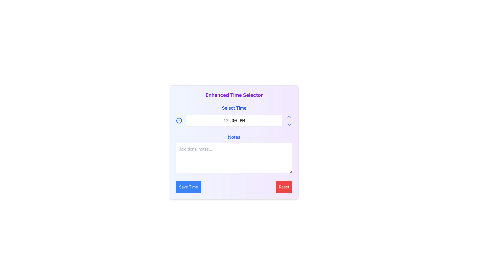  I want to click on the Dropdown toggle indicator icon located in the upper-right corner of the 'Select Time' dropdown, so click(289, 124).